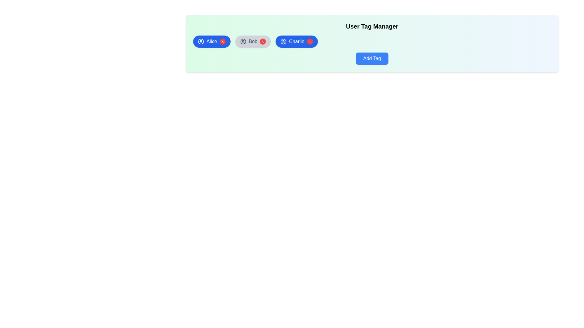 Image resolution: width=584 pixels, height=328 pixels. Describe the element at coordinates (310, 41) in the screenshot. I see `red 'X' button to remove the tag named Charlie` at that location.